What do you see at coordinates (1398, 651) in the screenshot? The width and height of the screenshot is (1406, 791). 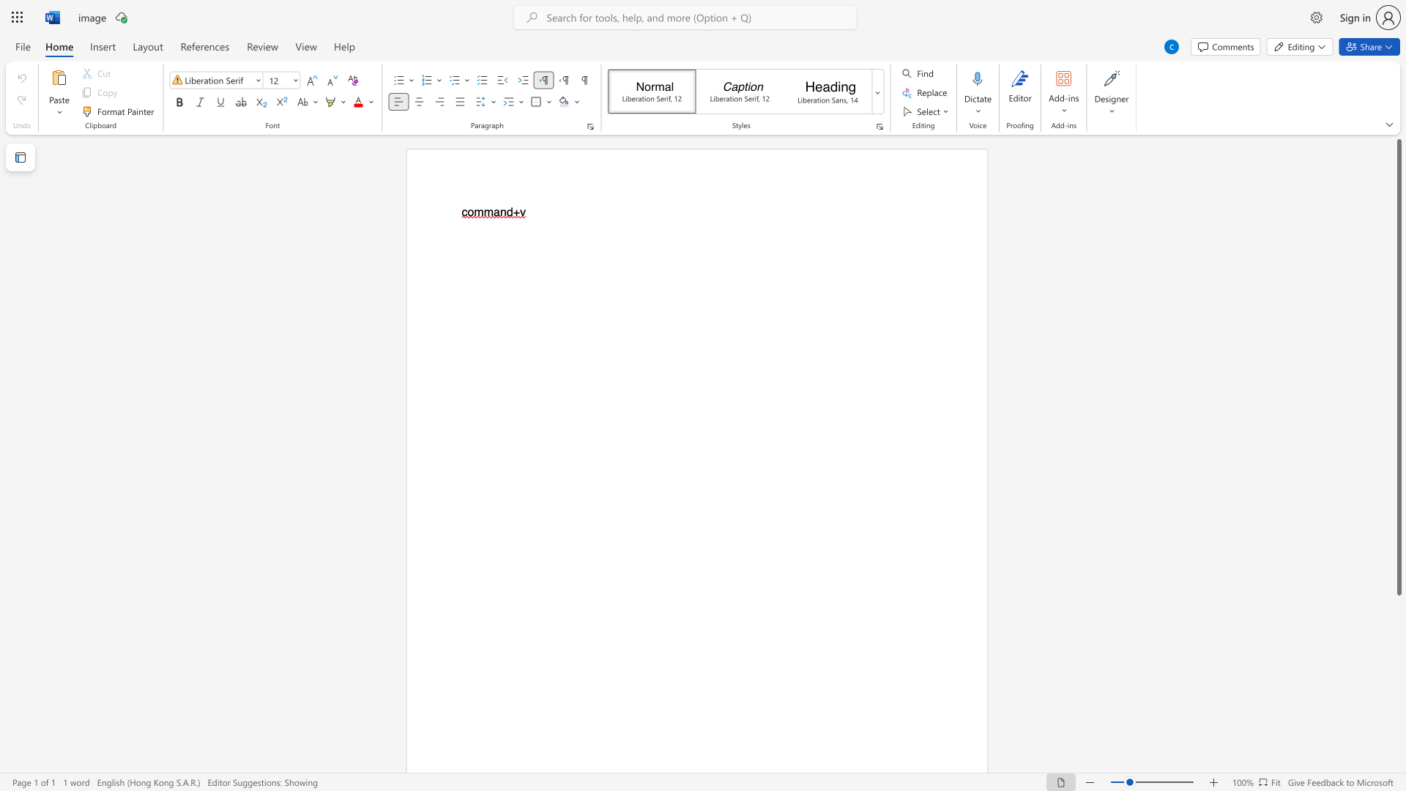 I see `the scrollbar on the right` at bounding box center [1398, 651].